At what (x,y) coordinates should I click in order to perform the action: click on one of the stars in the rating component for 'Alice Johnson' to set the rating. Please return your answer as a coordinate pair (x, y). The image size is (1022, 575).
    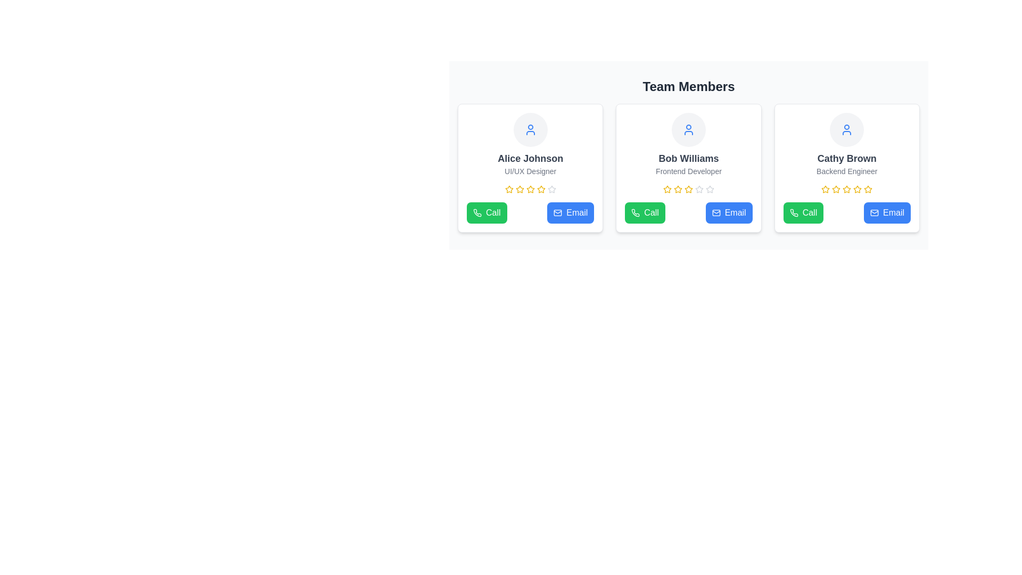
    Looking at the image, I should click on (530, 188).